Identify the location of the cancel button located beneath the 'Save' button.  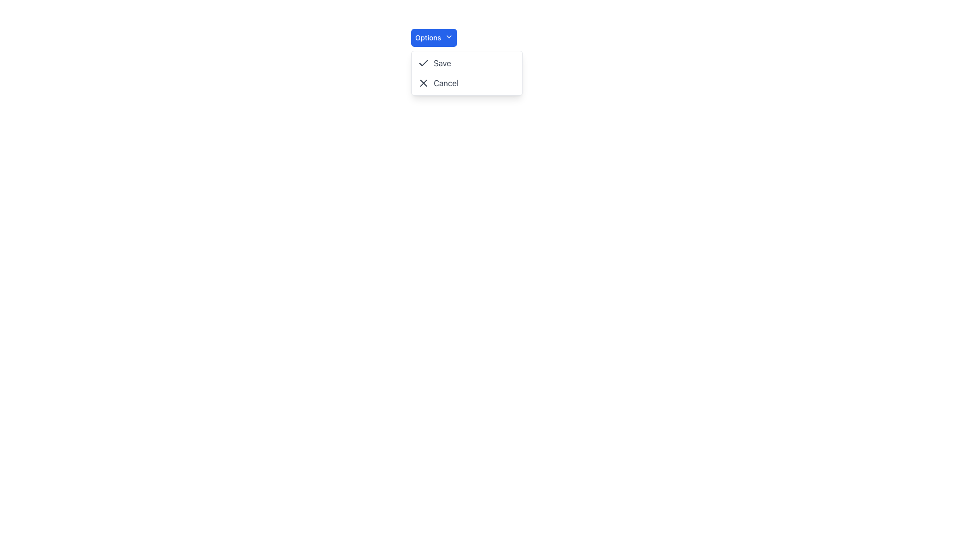
(467, 82).